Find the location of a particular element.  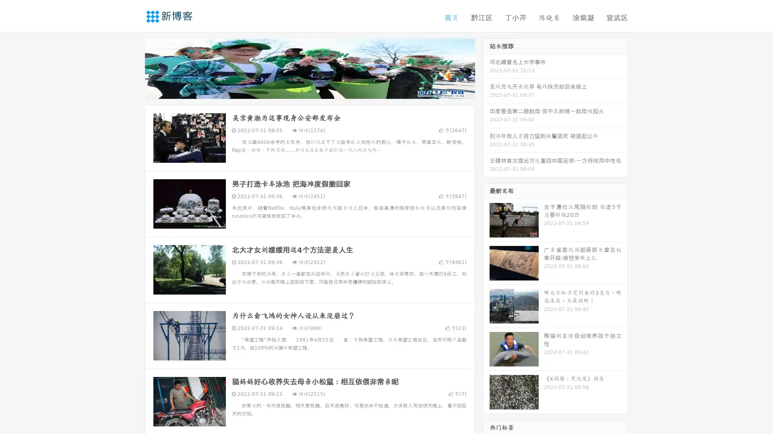

Go to slide 1 is located at coordinates (301, 90).